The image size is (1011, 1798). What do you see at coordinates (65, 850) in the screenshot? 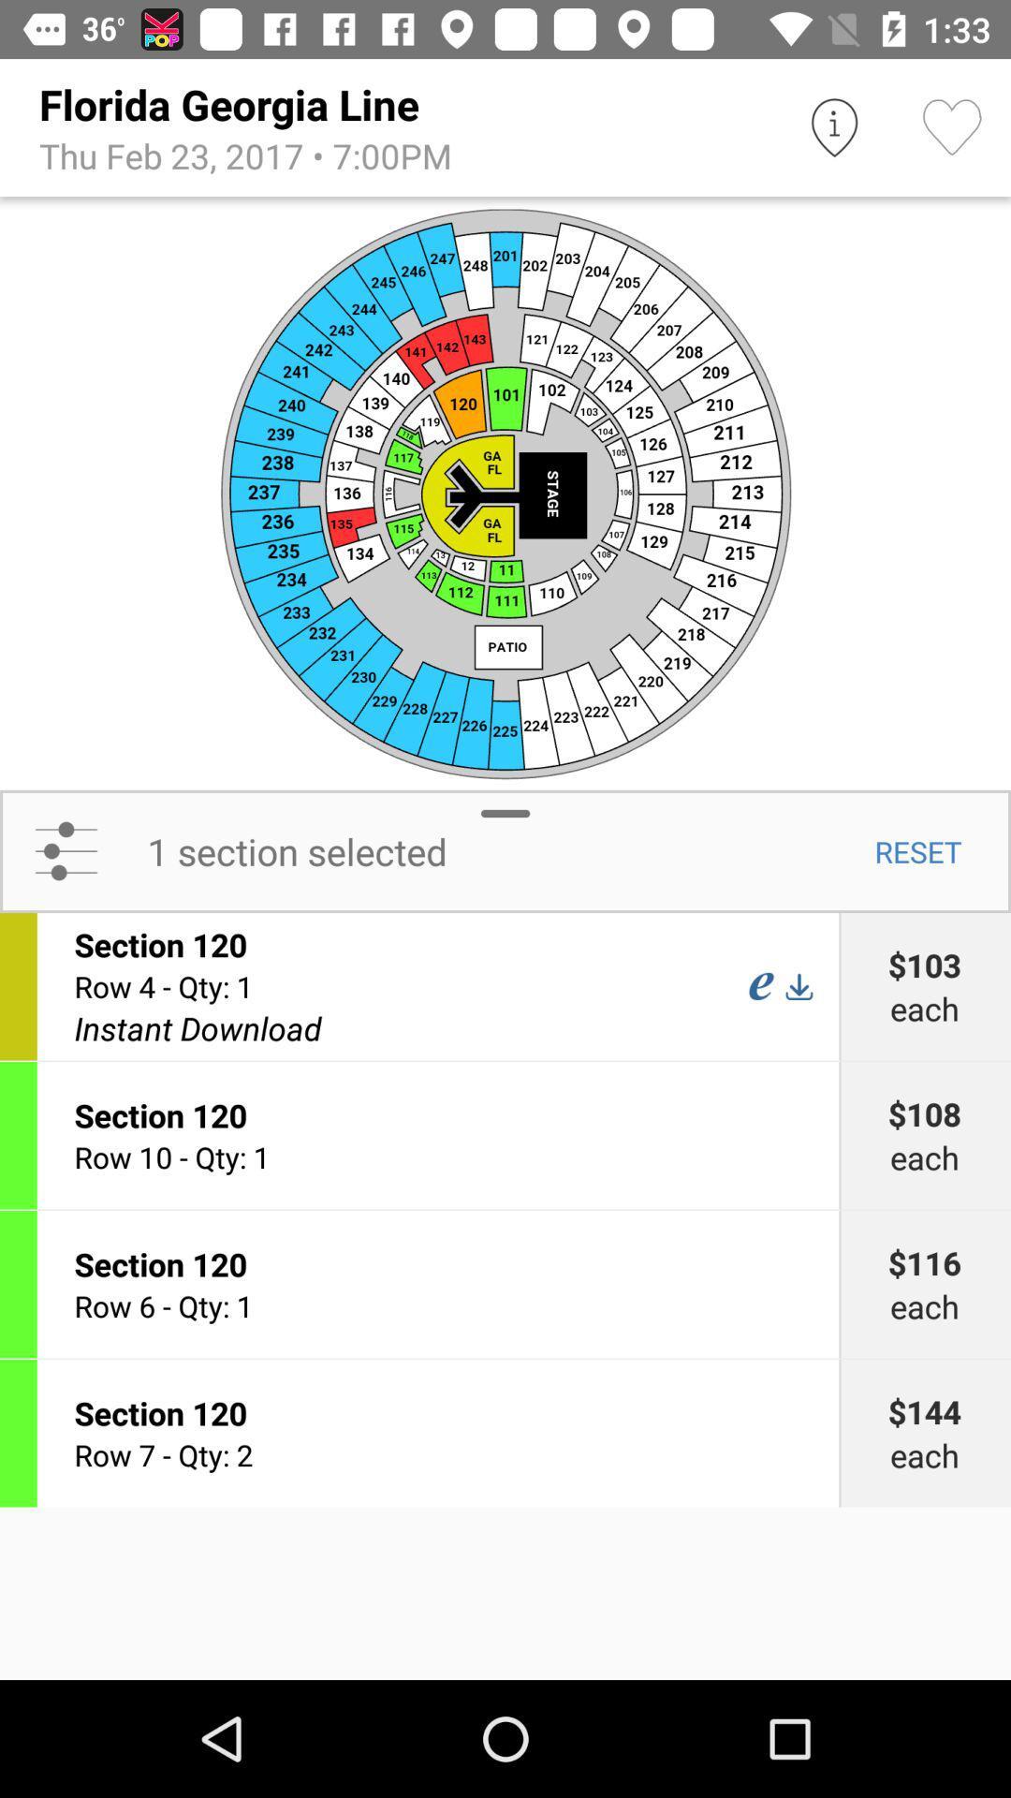
I see `the sliders icon` at bounding box center [65, 850].